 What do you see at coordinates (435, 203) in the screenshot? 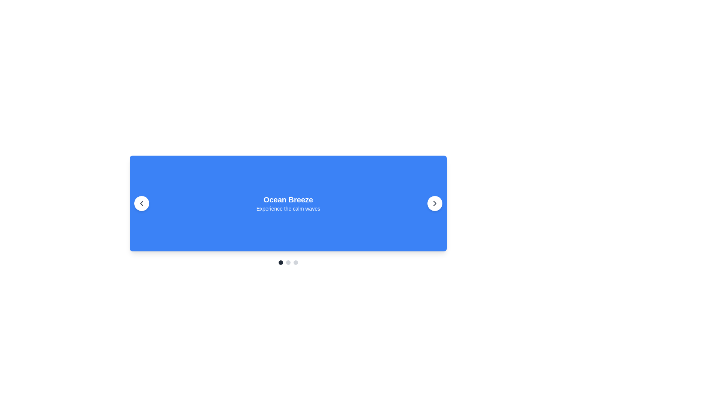
I see `the right-pointing chevron arrow icon within the circular button on the right side of the blue card` at bounding box center [435, 203].